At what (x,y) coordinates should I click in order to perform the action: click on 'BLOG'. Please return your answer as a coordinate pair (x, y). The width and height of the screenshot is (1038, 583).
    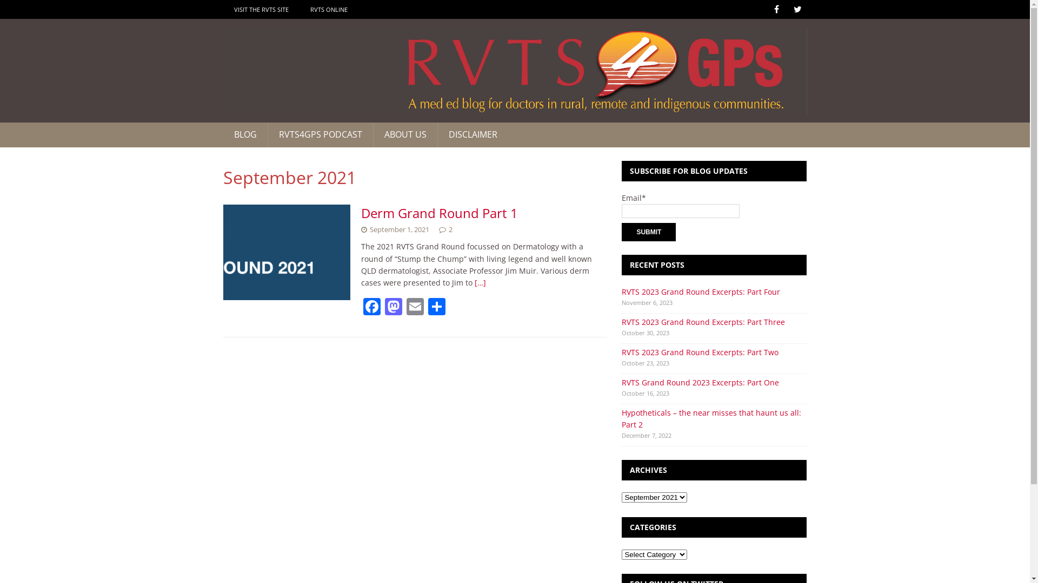
    Looking at the image, I should click on (244, 134).